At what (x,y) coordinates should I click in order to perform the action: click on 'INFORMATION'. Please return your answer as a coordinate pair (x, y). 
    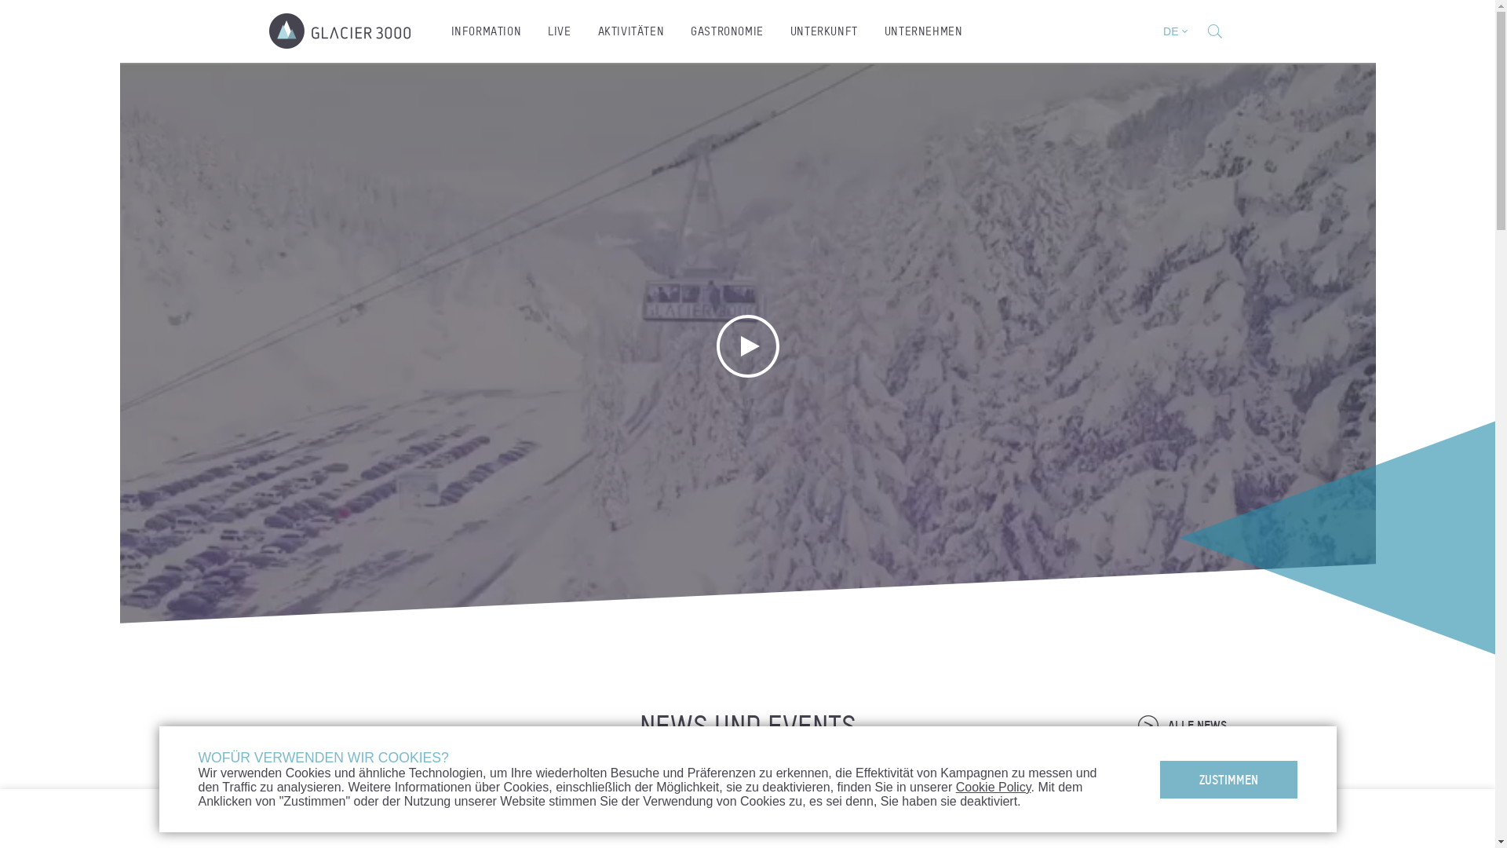
    Looking at the image, I should click on (437, 31).